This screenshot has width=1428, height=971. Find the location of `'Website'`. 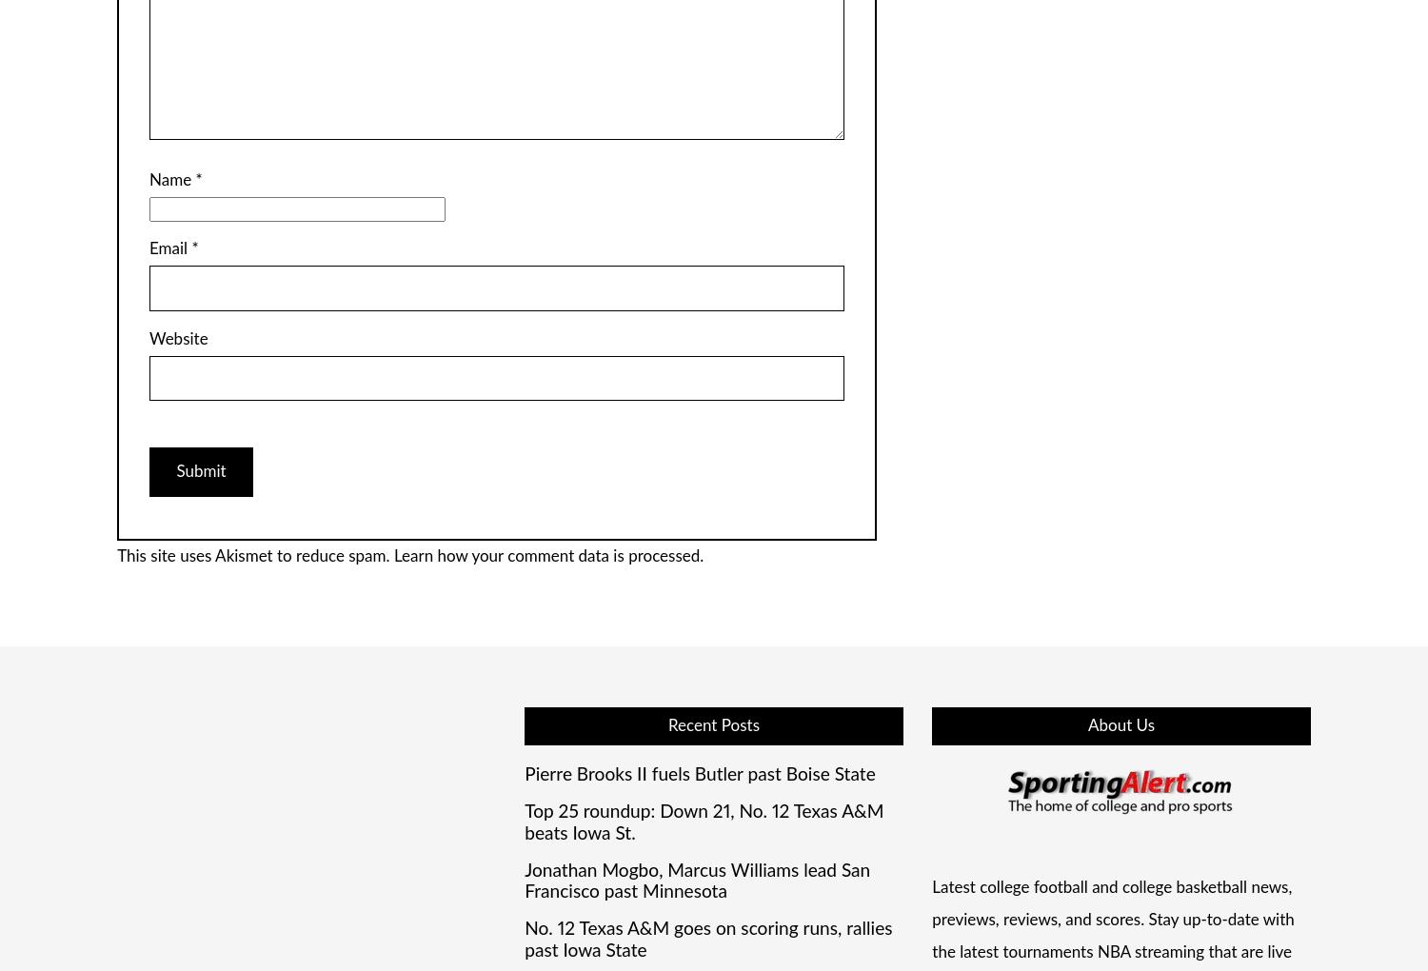

'Website' is located at coordinates (178, 337).